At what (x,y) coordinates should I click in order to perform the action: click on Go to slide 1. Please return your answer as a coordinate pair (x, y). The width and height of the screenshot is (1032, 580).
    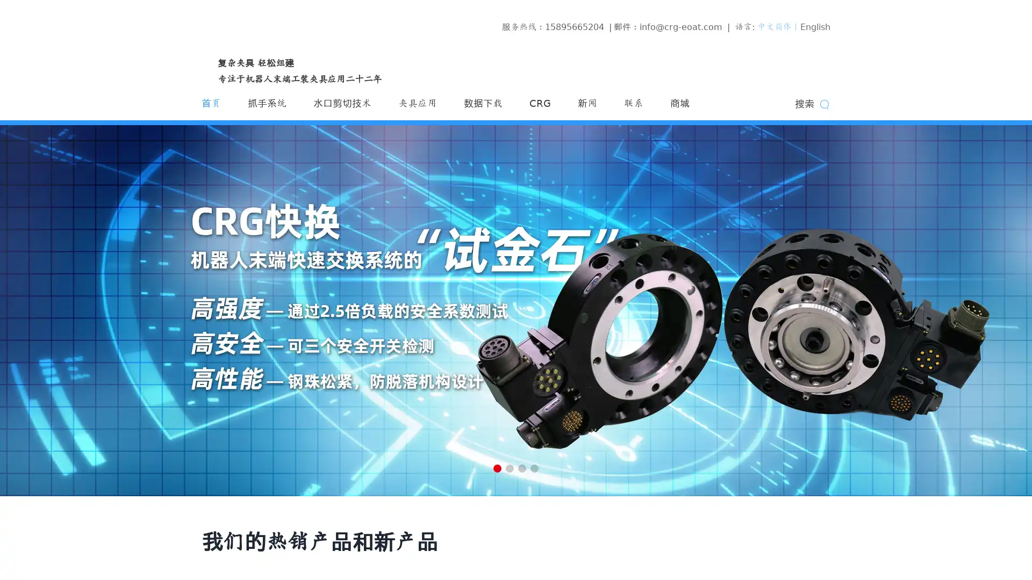
    Looking at the image, I should click on (497, 468).